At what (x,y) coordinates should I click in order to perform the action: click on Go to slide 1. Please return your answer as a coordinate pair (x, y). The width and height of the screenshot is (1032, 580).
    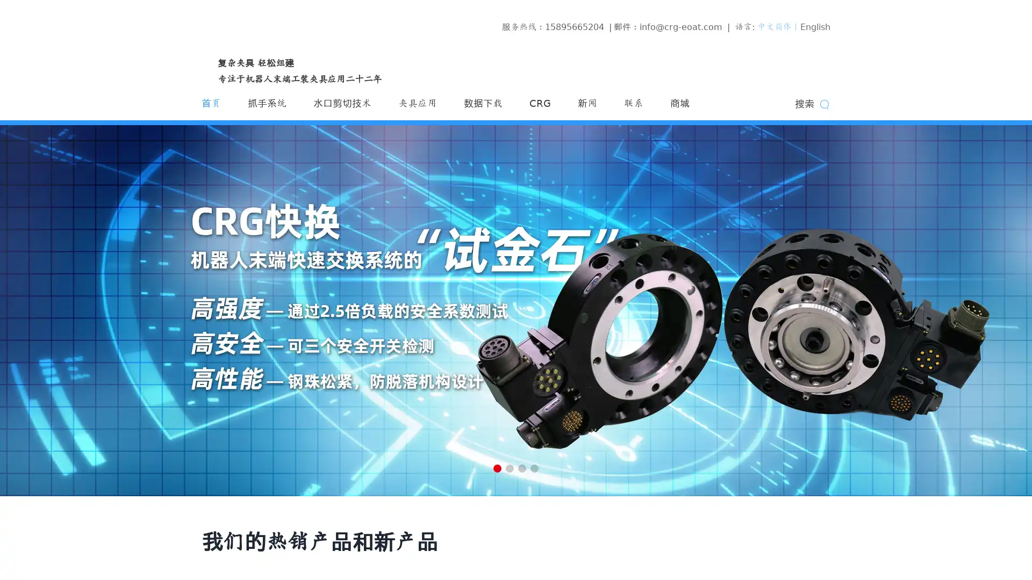
    Looking at the image, I should click on (497, 468).